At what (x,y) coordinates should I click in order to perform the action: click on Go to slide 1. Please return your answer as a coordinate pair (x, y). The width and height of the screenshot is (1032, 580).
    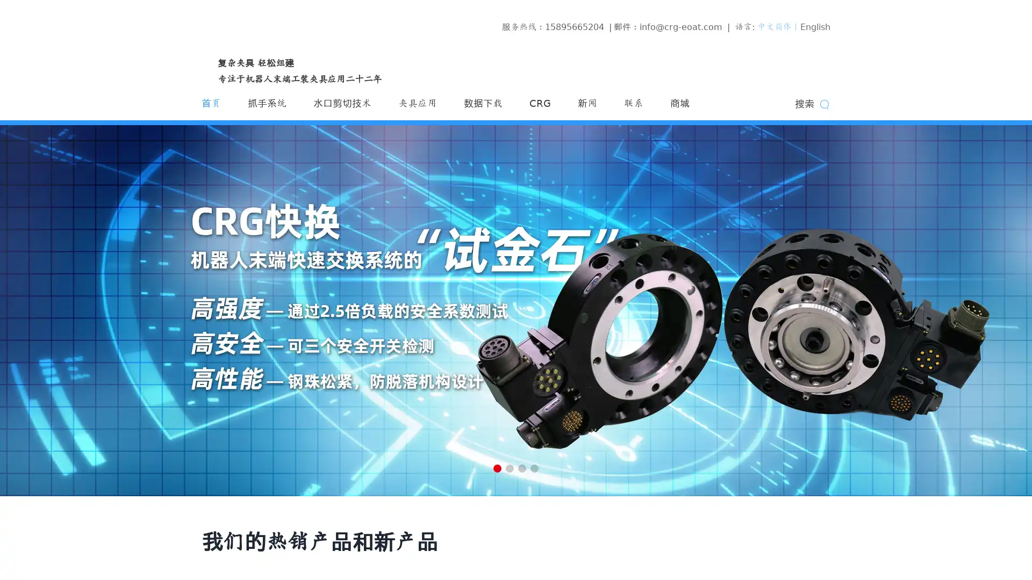
    Looking at the image, I should click on (497, 468).